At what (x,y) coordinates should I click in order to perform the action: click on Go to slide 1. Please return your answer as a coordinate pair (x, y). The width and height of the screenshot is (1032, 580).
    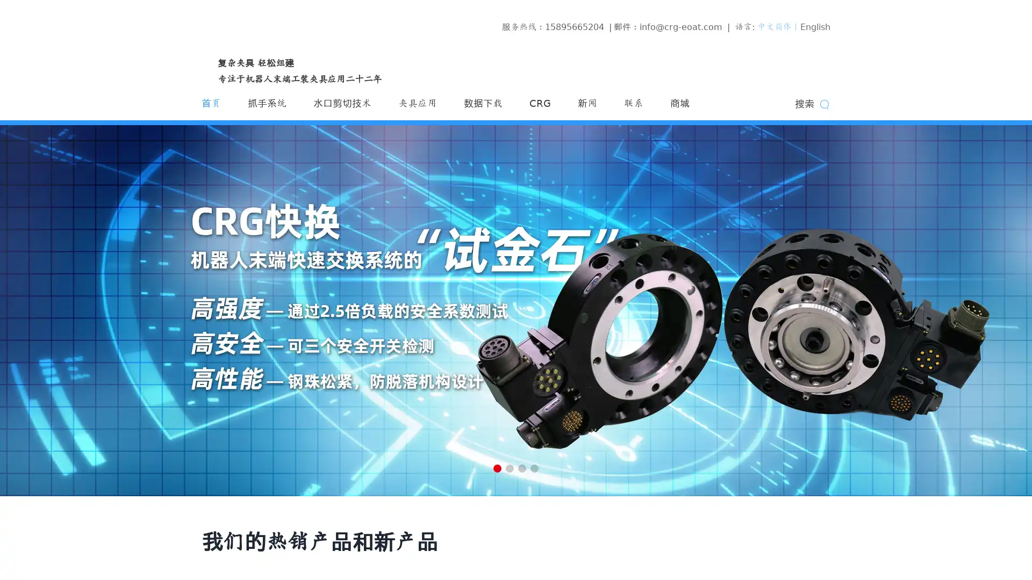
    Looking at the image, I should click on (497, 468).